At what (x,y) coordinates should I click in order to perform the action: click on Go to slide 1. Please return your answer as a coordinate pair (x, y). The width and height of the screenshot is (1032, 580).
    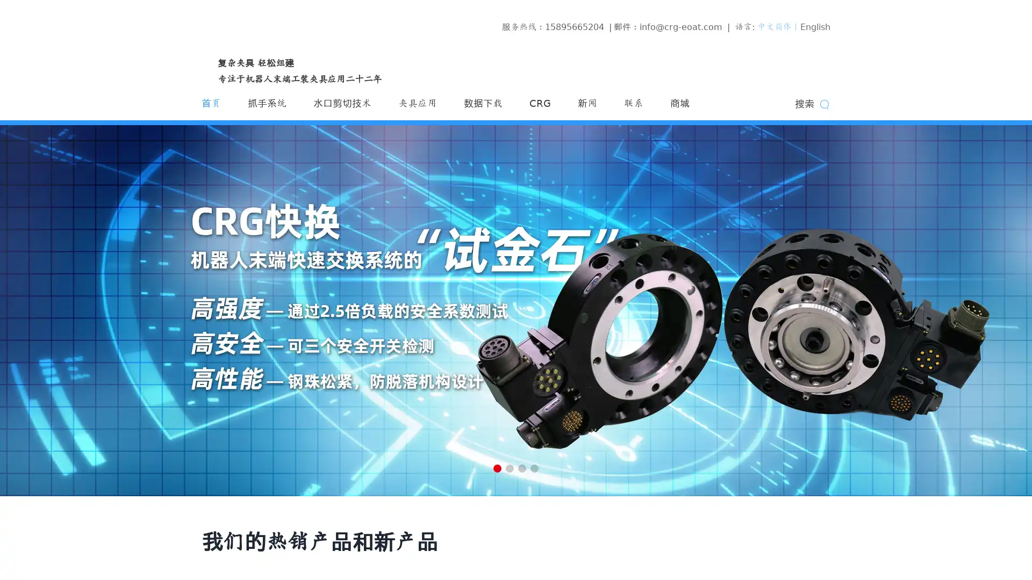
    Looking at the image, I should click on (497, 468).